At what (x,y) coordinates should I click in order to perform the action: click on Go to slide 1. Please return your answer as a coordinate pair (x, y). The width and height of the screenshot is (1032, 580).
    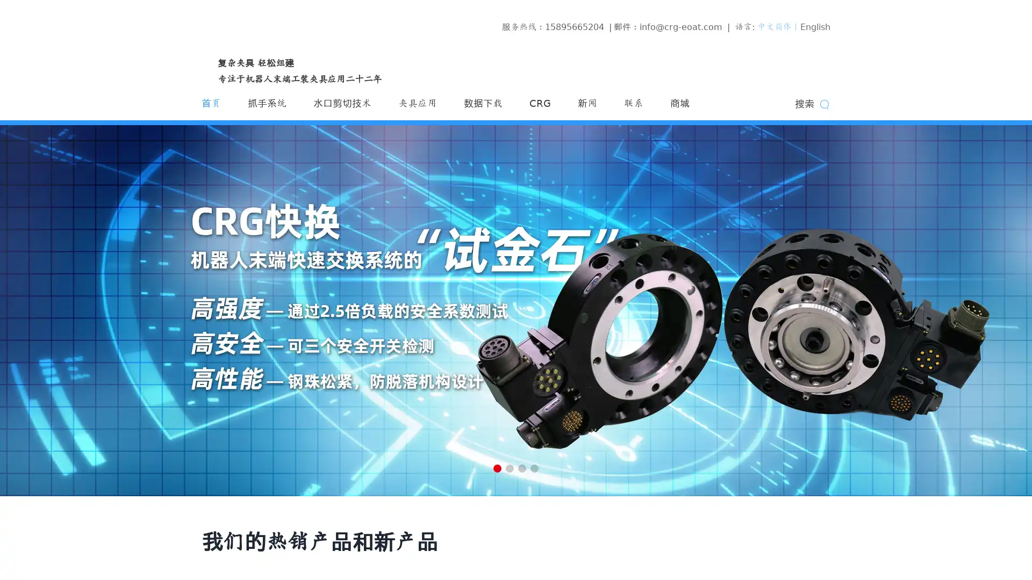
    Looking at the image, I should click on (497, 468).